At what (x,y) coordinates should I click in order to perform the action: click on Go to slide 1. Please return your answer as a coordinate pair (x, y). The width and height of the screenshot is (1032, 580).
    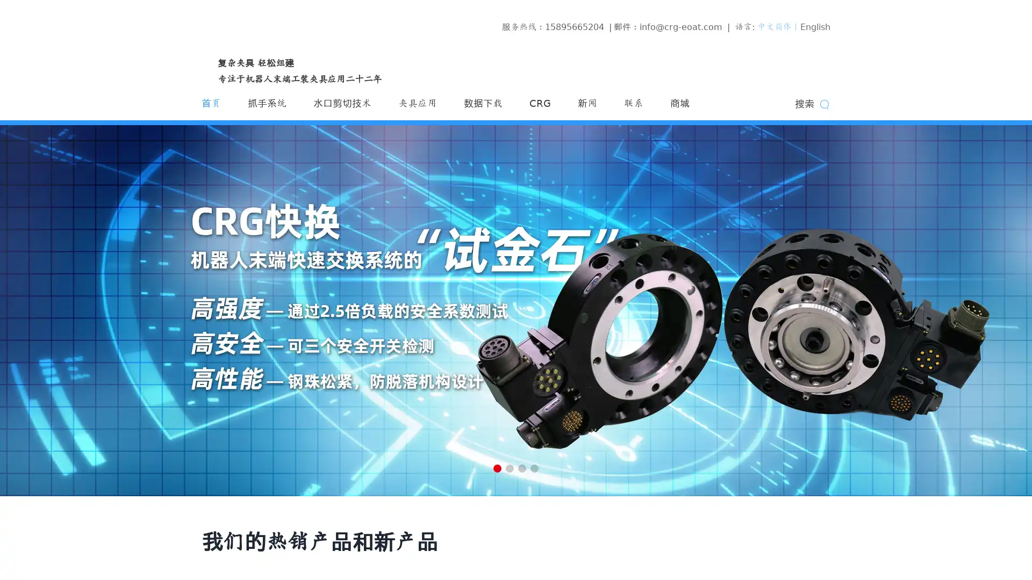
    Looking at the image, I should click on (497, 468).